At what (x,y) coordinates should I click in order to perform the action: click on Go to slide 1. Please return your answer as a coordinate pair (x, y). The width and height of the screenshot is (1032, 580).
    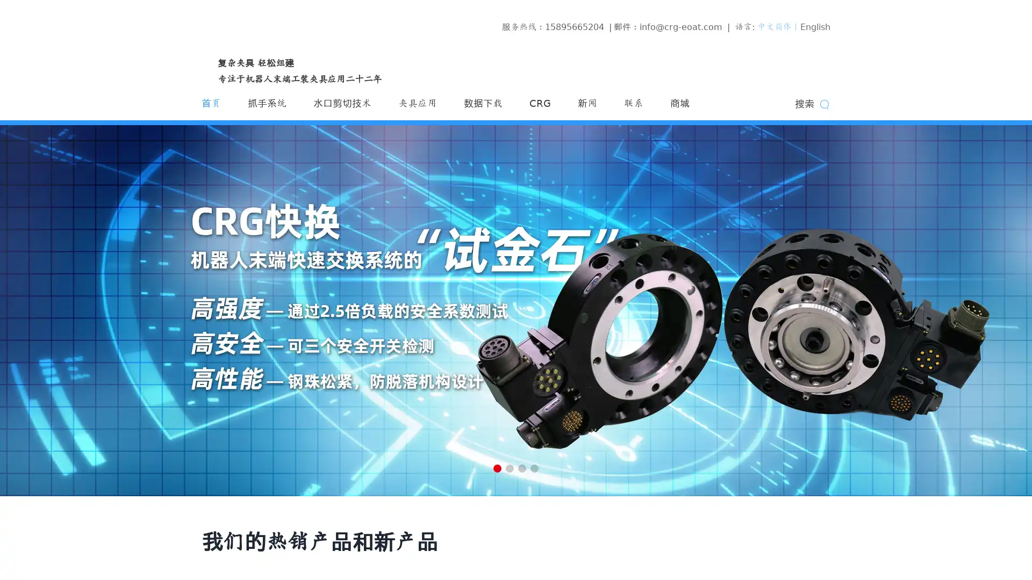
    Looking at the image, I should click on (497, 468).